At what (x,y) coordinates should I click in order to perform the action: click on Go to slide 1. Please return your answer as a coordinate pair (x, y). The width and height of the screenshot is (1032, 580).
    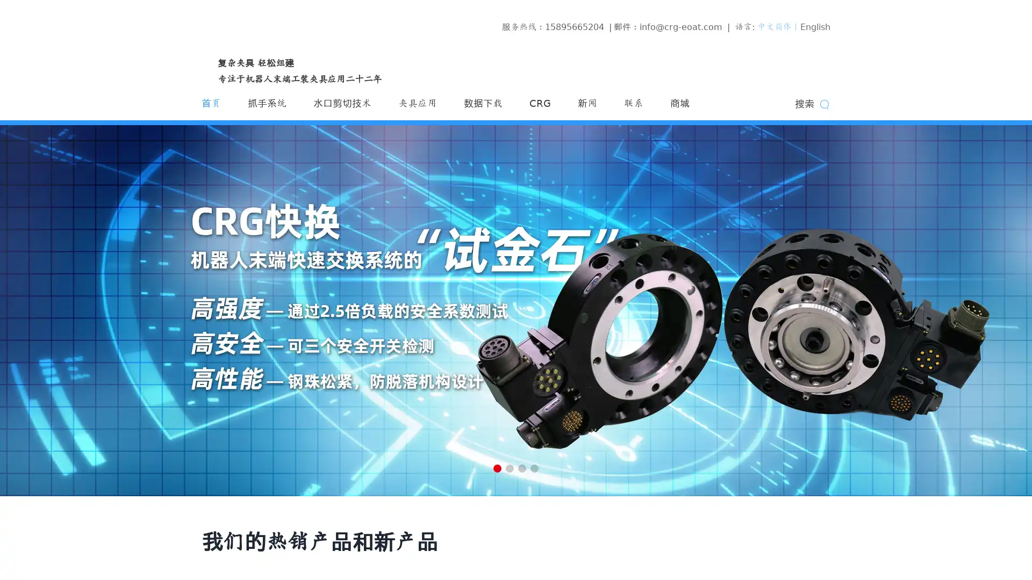
    Looking at the image, I should click on (497, 468).